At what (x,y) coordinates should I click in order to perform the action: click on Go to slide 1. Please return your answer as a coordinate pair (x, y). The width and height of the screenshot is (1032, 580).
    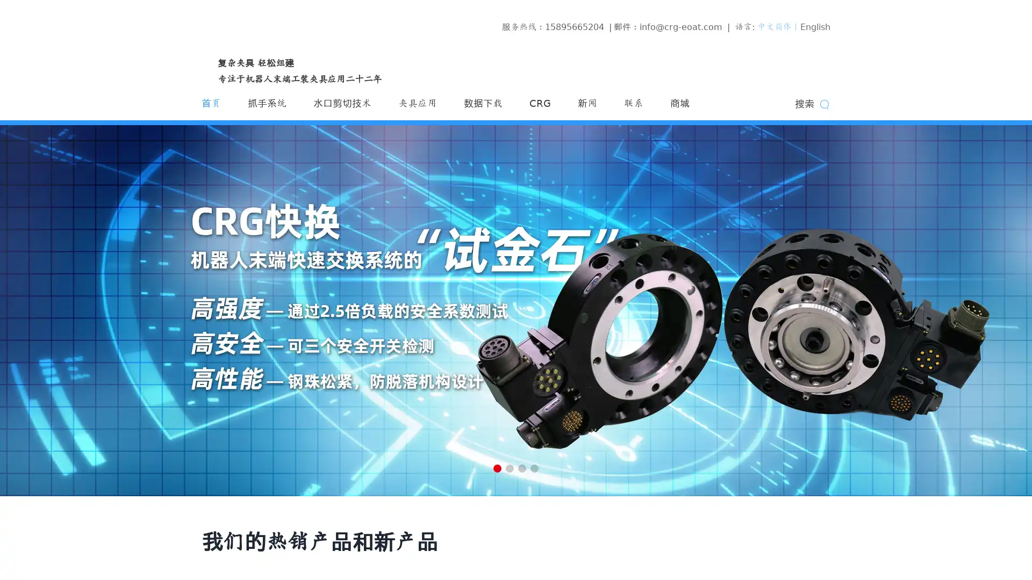
    Looking at the image, I should click on (497, 468).